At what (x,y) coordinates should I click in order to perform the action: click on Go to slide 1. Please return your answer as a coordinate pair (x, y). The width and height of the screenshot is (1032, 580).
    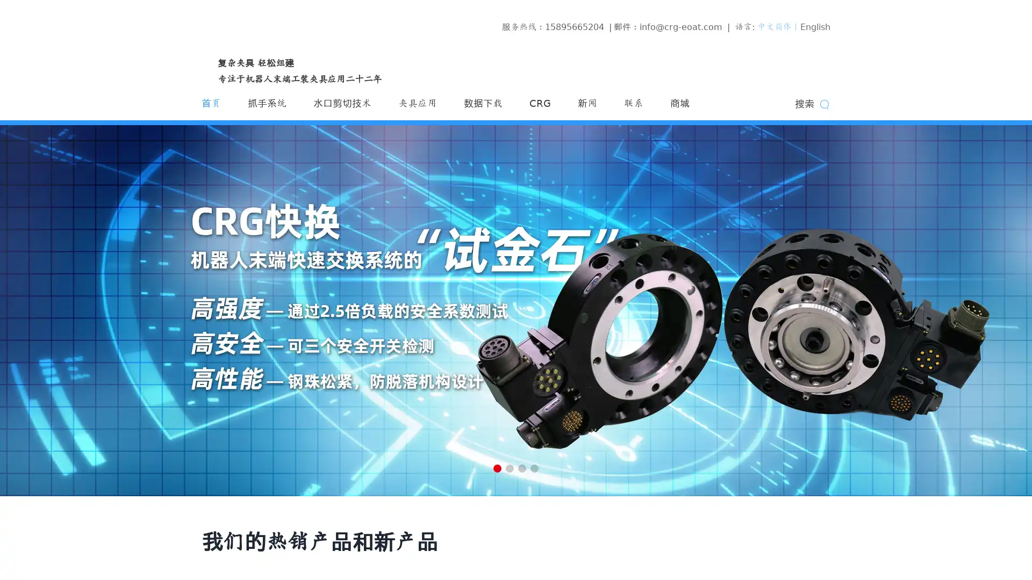
    Looking at the image, I should click on (497, 468).